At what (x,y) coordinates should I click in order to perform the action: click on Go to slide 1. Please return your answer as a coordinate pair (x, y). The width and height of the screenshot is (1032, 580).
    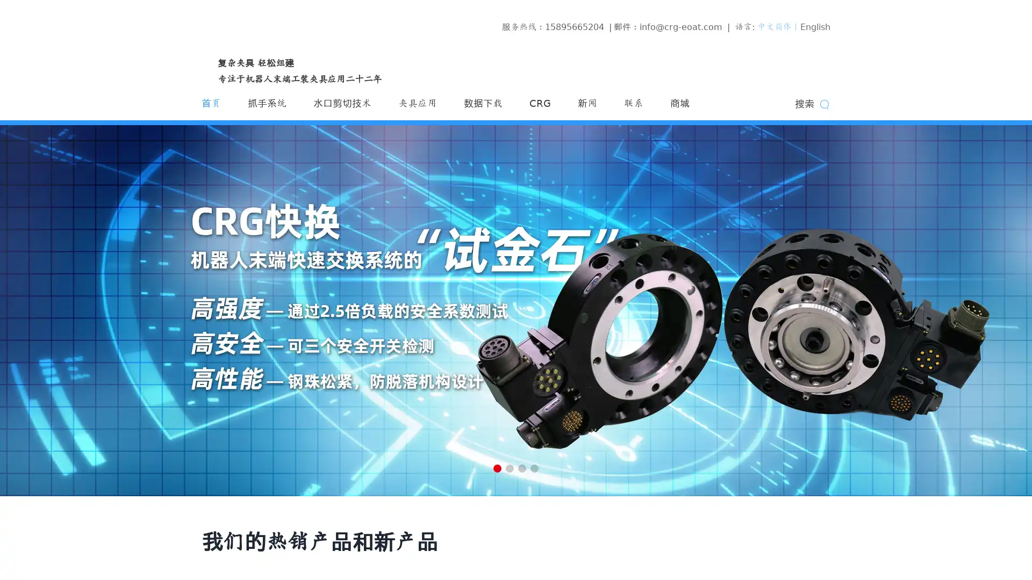
    Looking at the image, I should click on (497, 468).